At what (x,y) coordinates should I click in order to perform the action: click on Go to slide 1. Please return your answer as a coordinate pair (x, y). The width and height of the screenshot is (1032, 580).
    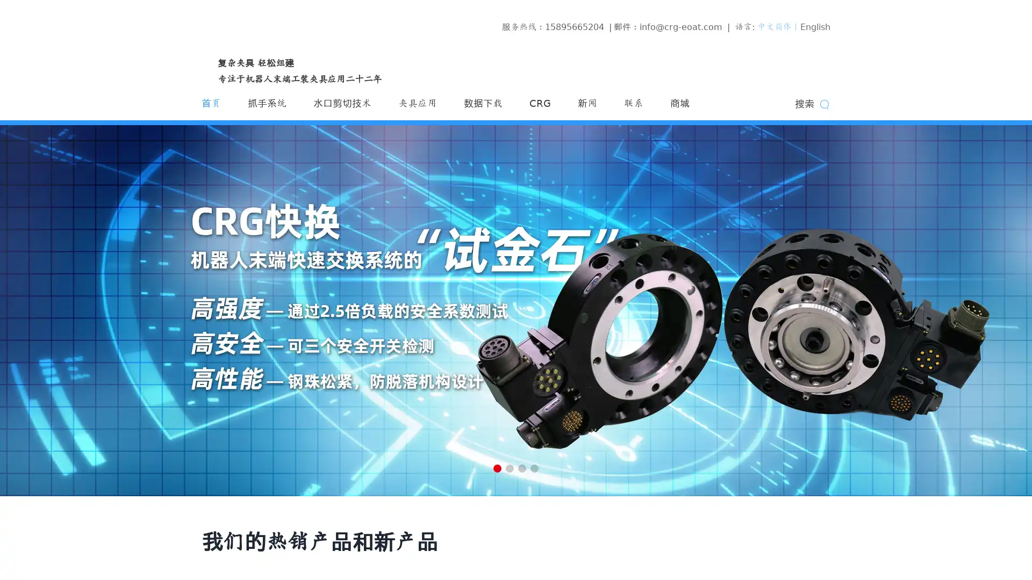
    Looking at the image, I should click on (497, 468).